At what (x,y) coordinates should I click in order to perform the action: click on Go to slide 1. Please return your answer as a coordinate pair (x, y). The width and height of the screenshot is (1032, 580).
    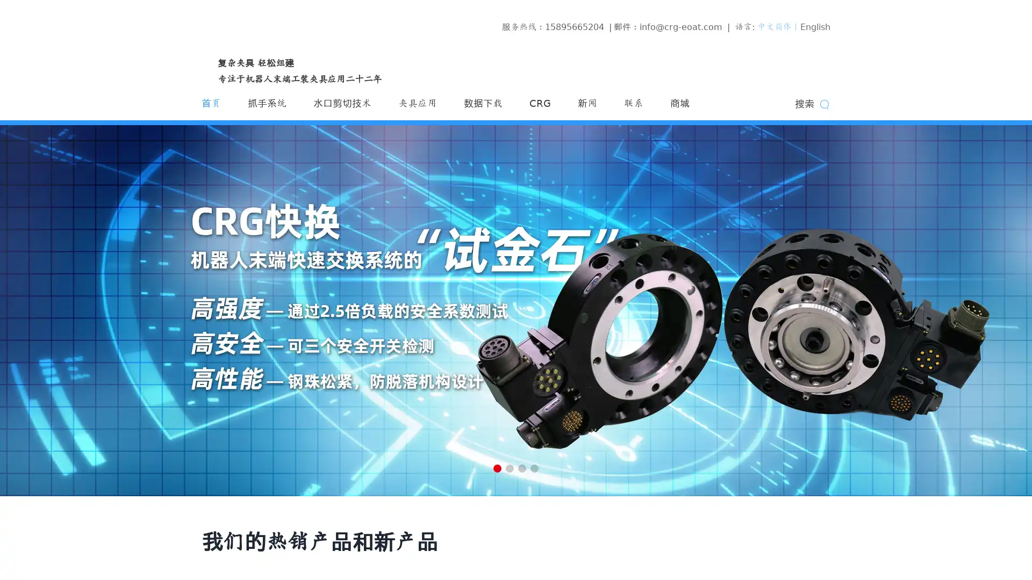
    Looking at the image, I should click on (497, 468).